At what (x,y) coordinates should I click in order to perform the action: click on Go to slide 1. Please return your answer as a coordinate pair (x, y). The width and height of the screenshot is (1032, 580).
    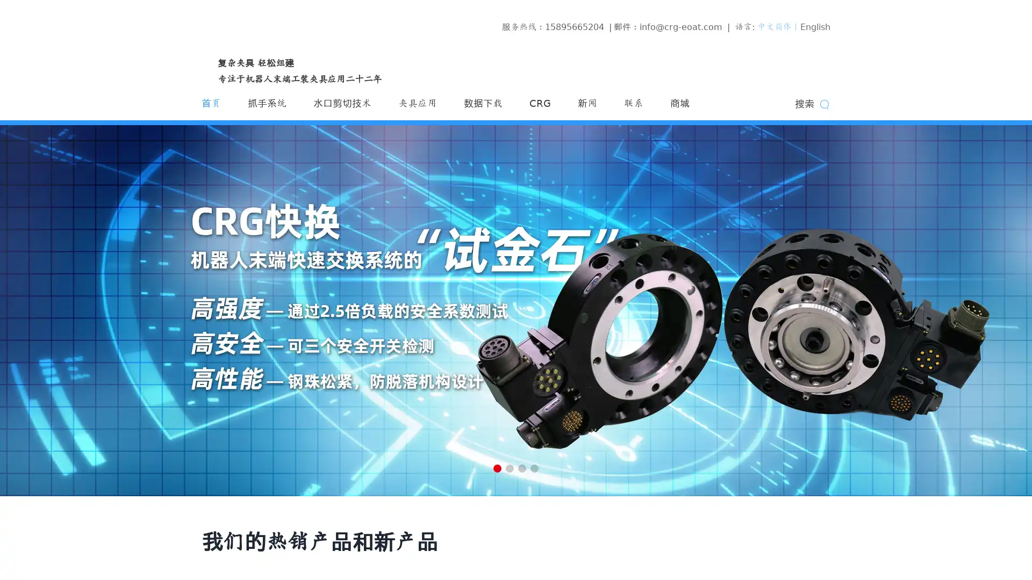
    Looking at the image, I should click on (497, 468).